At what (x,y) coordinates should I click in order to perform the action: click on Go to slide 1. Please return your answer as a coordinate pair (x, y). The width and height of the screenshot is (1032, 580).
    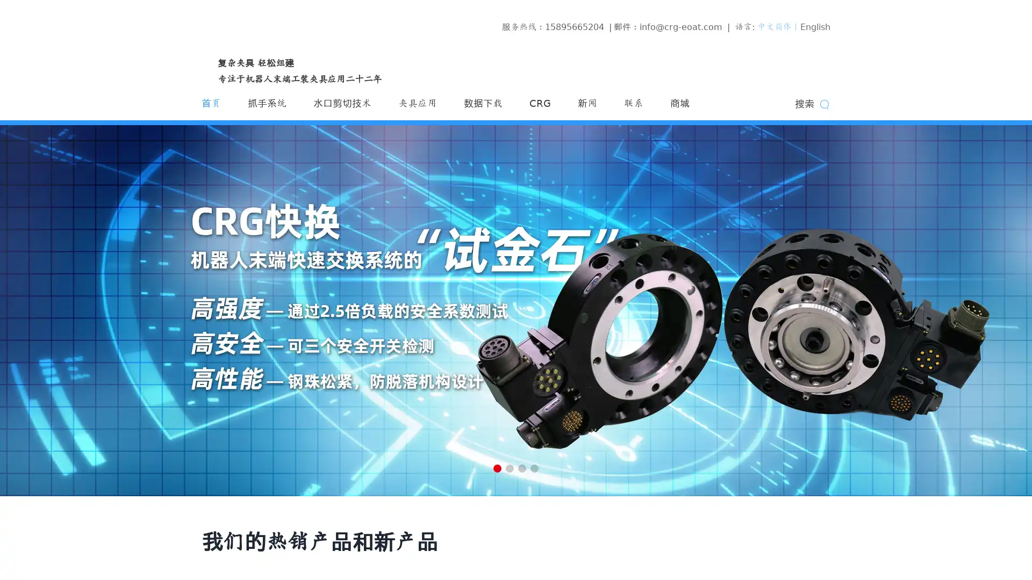
    Looking at the image, I should click on (497, 468).